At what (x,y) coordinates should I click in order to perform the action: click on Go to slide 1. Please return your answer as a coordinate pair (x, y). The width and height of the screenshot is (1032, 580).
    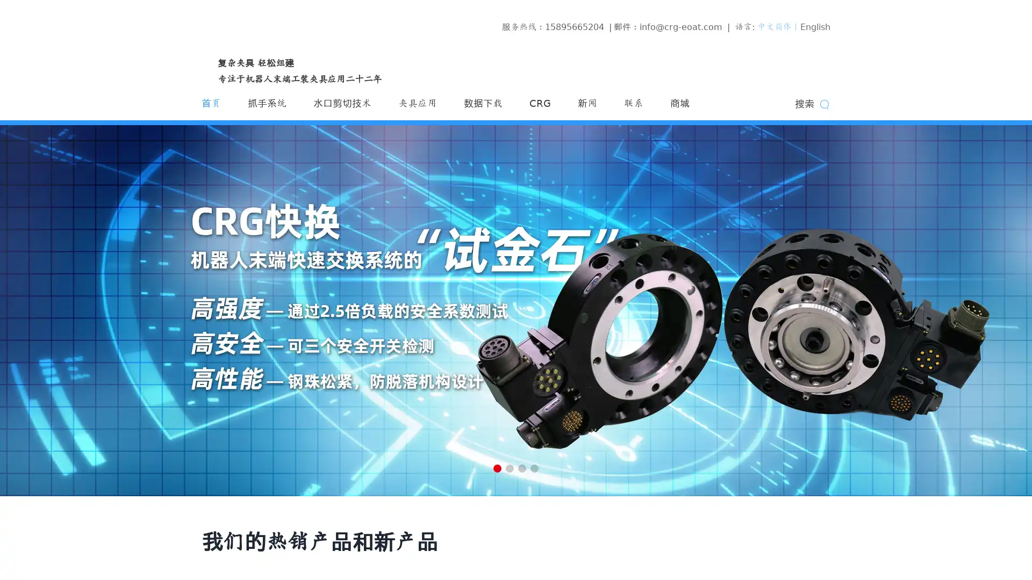
    Looking at the image, I should click on (497, 468).